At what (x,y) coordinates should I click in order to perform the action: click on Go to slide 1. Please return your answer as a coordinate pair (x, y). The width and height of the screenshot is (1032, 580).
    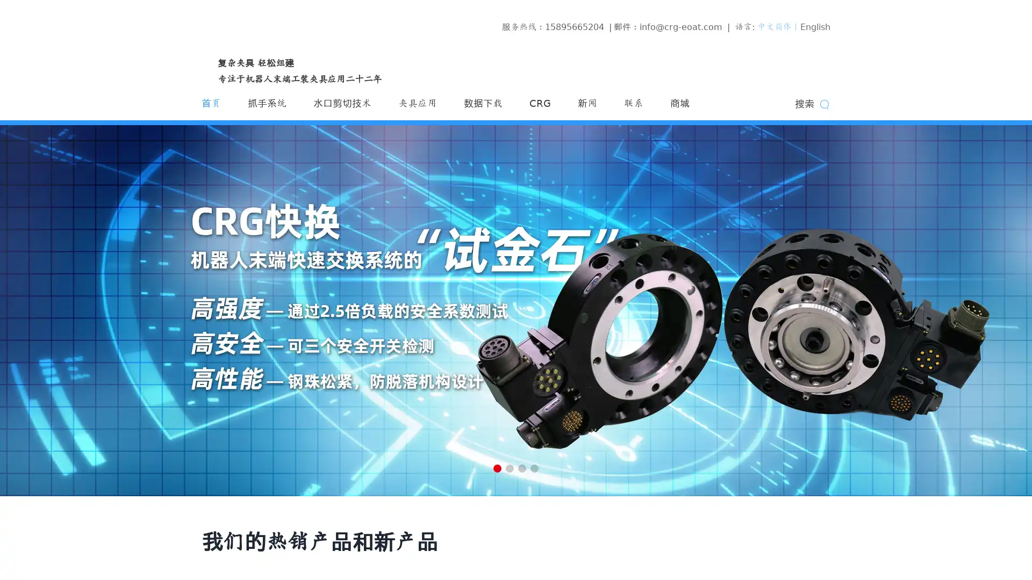
    Looking at the image, I should click on (497, 468).